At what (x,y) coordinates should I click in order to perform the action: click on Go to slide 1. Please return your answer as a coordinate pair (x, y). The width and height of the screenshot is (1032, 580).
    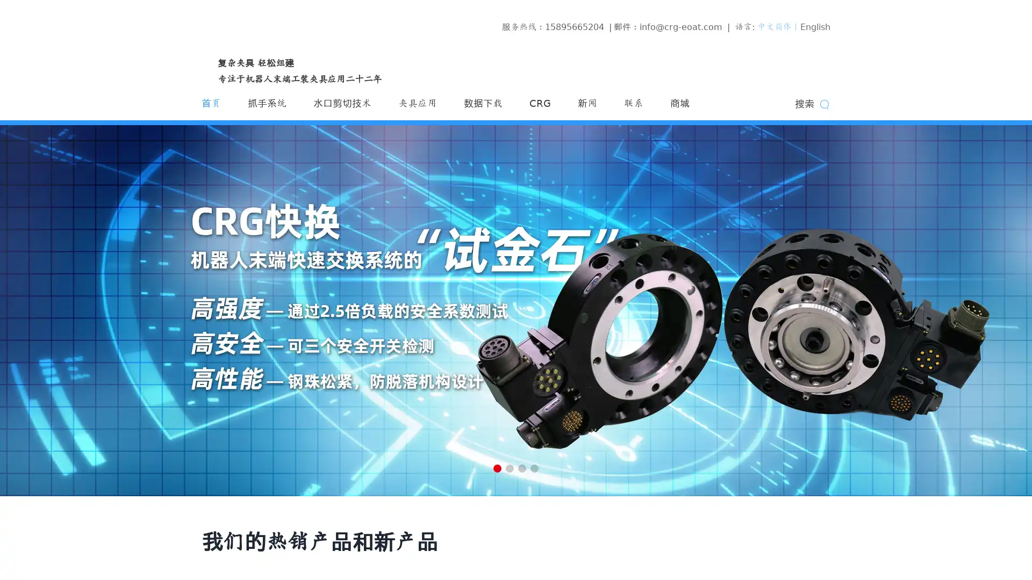
    Looking at the image, I should click on (497, 468).